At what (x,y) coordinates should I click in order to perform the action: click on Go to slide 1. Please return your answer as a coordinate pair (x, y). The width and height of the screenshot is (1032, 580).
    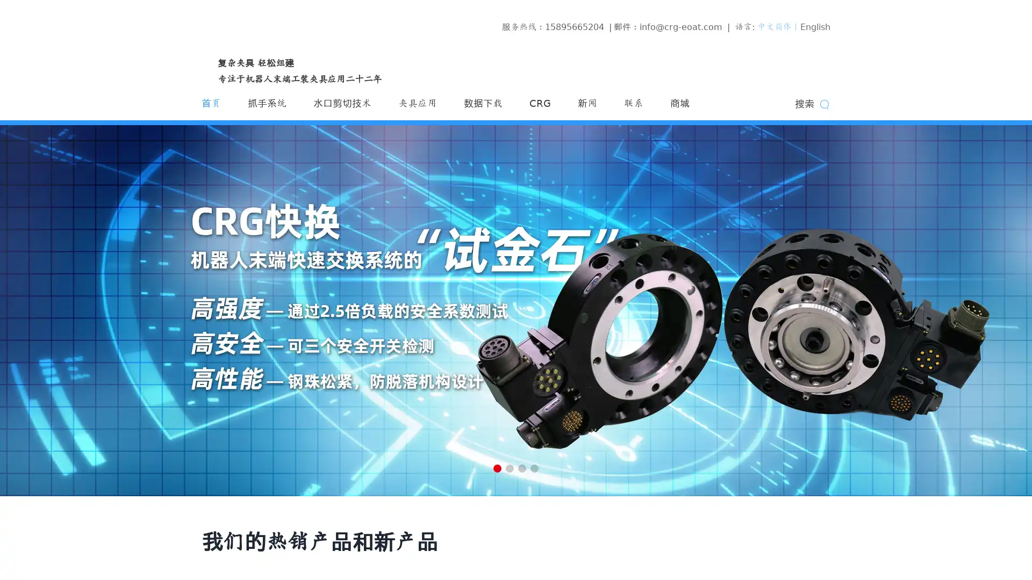
    Looking at the image, I should click on (497, 468).